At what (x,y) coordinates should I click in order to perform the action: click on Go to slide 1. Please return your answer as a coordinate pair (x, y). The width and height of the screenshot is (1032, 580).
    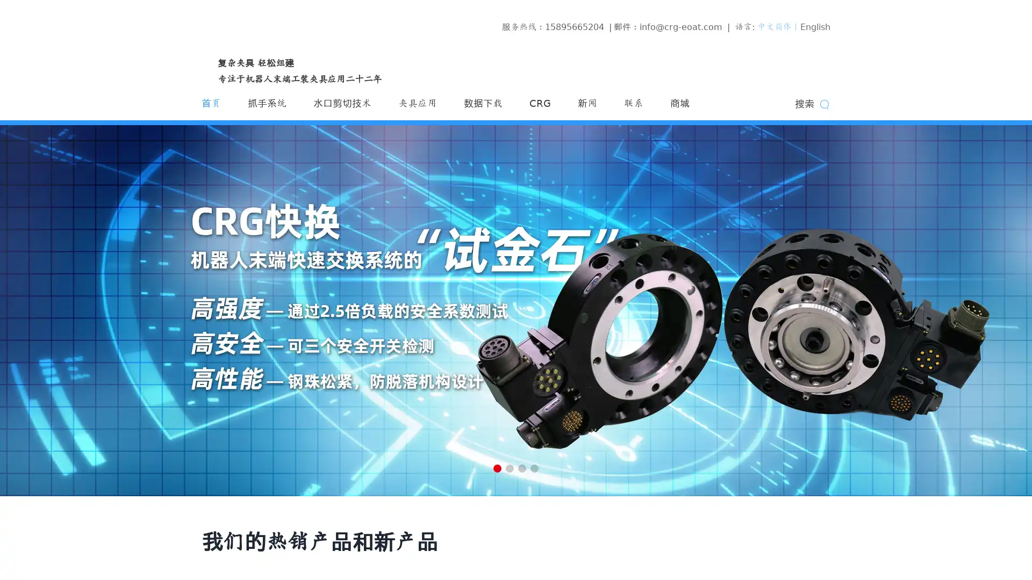
    Looking at the image, I should click on (497, 468).